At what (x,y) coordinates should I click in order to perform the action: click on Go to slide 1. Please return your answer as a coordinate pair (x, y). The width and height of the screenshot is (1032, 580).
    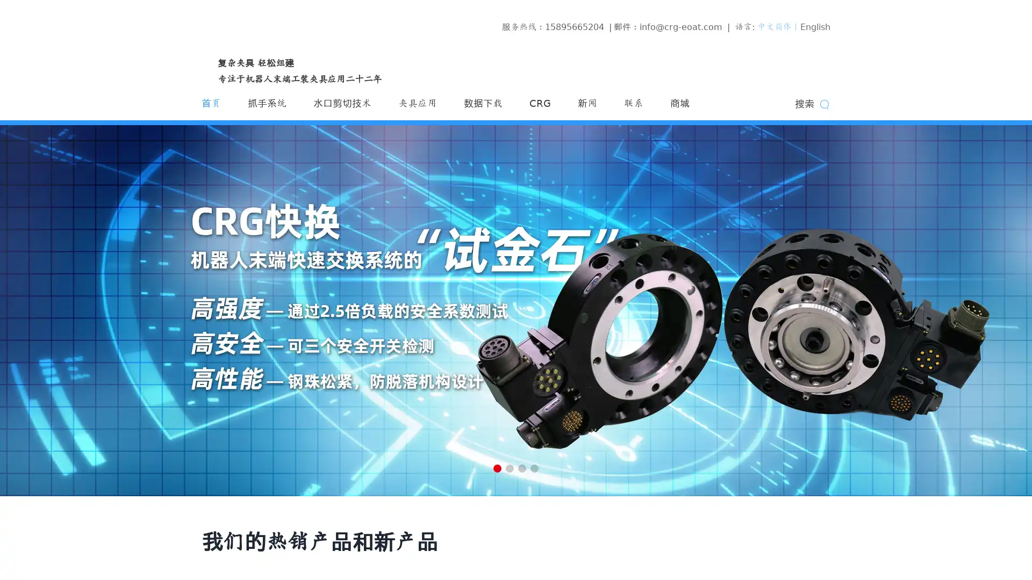
    Looking at the image, I should click on (497, 468).